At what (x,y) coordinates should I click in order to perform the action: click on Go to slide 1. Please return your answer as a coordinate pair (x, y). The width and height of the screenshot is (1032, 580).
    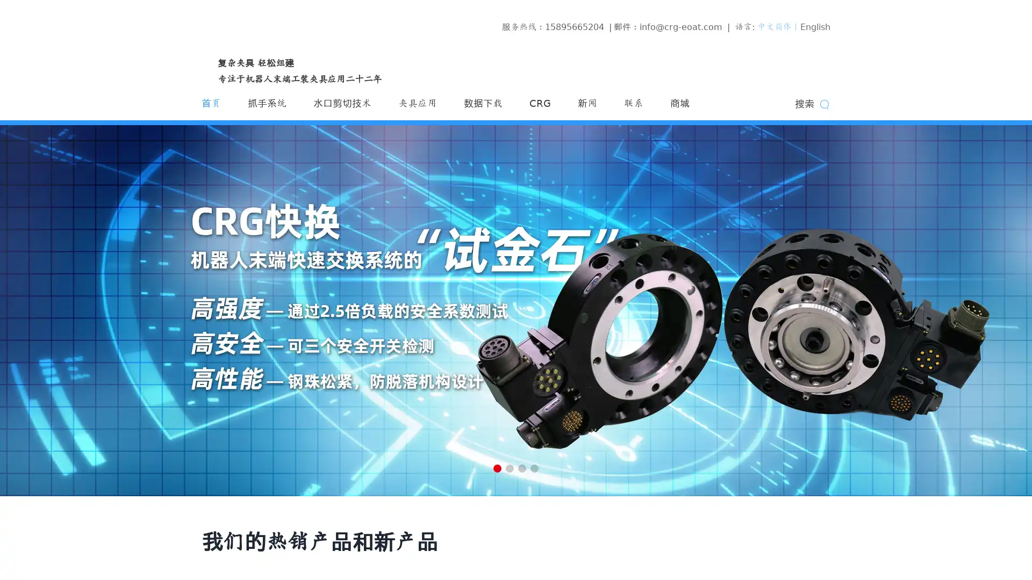
    Looking at the image, I should click on (497, 468).